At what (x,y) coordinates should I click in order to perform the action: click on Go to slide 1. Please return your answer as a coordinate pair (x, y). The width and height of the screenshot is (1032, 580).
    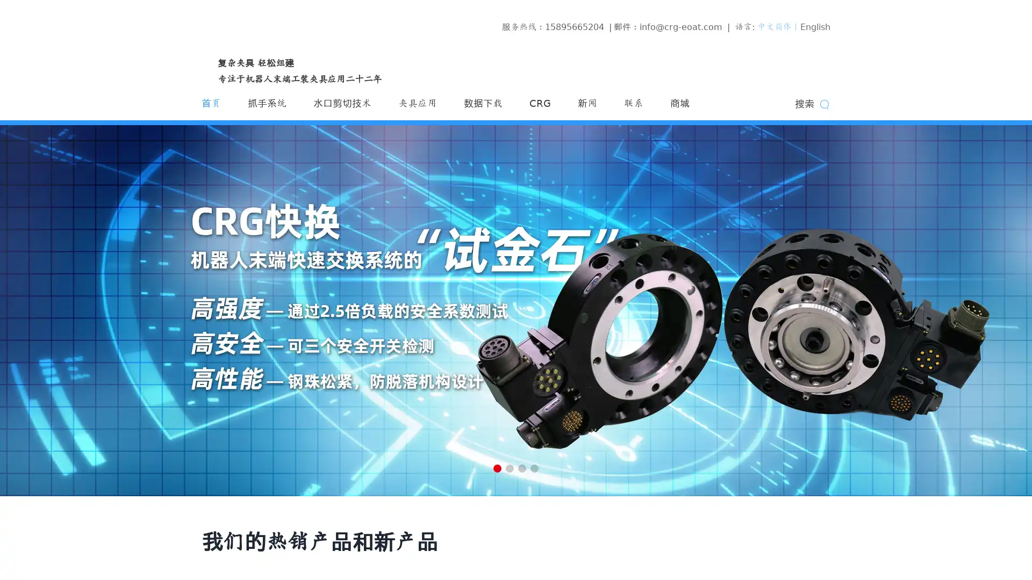
    Looking at the image, I should click on (497, 468).